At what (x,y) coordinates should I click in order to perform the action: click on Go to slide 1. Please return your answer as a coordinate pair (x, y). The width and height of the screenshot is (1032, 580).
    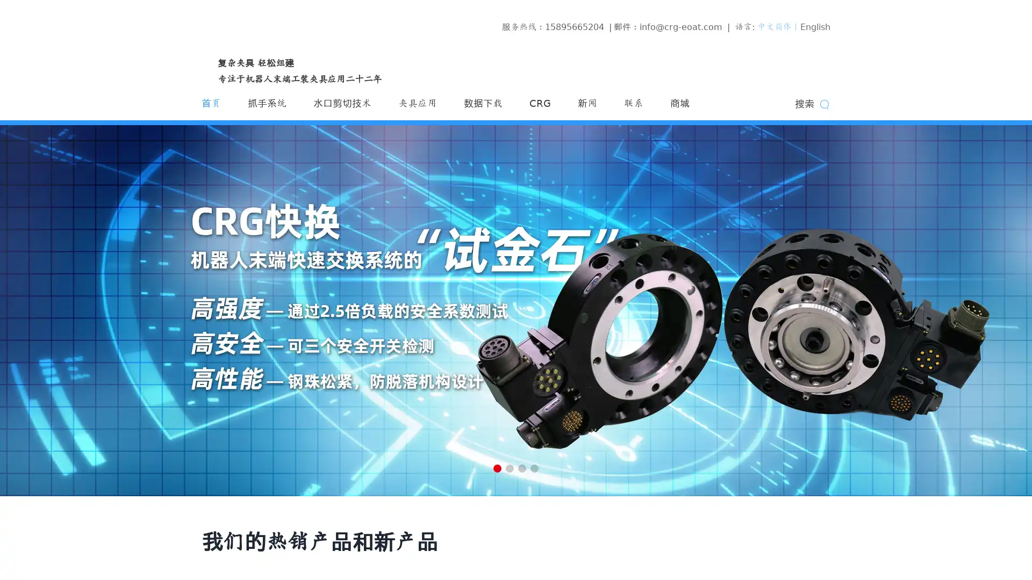
    Looking at the image, I should click on (497, 468).